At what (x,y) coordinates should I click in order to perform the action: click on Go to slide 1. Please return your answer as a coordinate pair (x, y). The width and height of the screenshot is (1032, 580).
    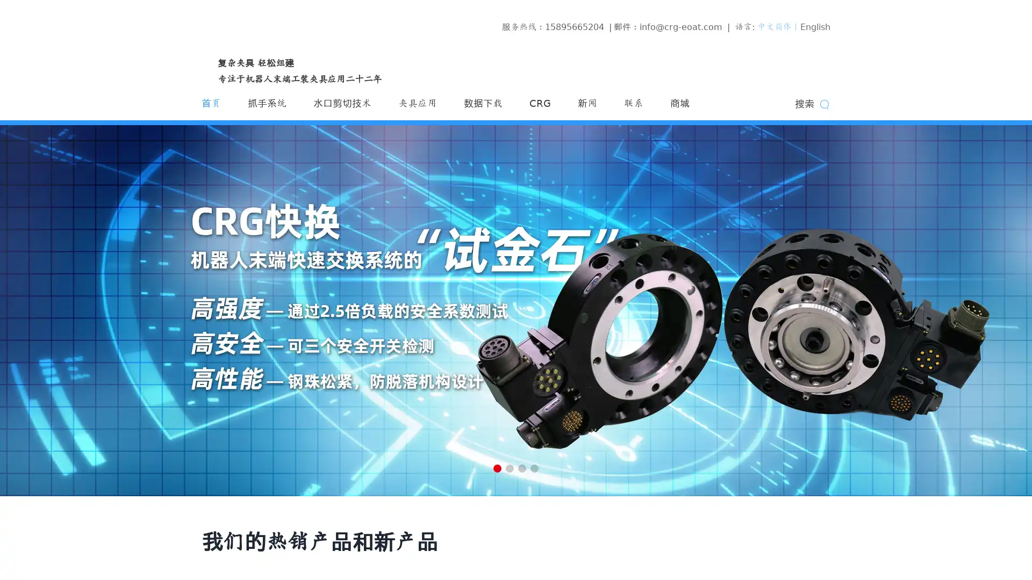
    Looking at the image, I should click on (497, 468).